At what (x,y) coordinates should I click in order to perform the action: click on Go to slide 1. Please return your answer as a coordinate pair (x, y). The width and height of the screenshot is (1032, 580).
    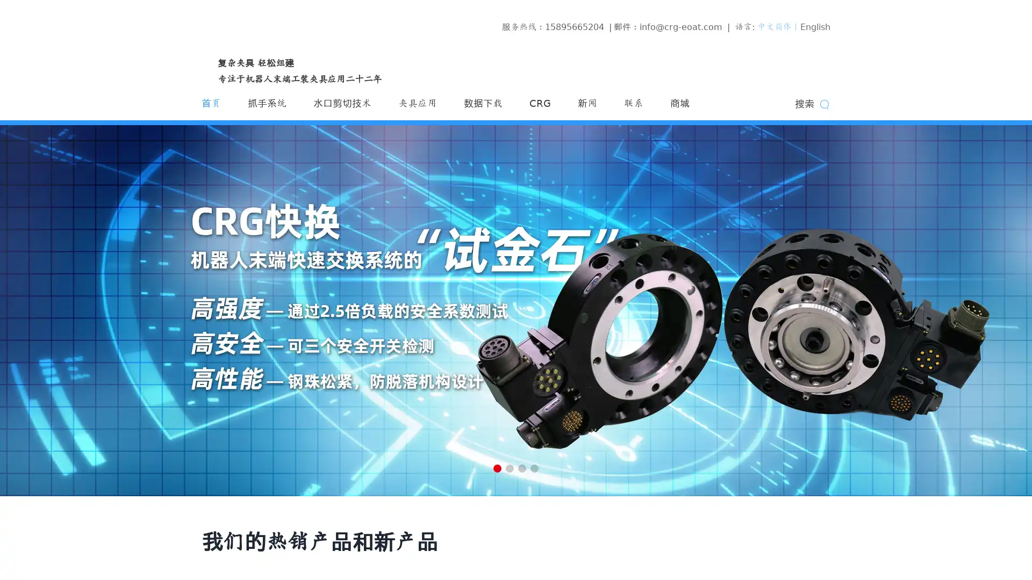
    Looking at the image, I should click on (497, 468).